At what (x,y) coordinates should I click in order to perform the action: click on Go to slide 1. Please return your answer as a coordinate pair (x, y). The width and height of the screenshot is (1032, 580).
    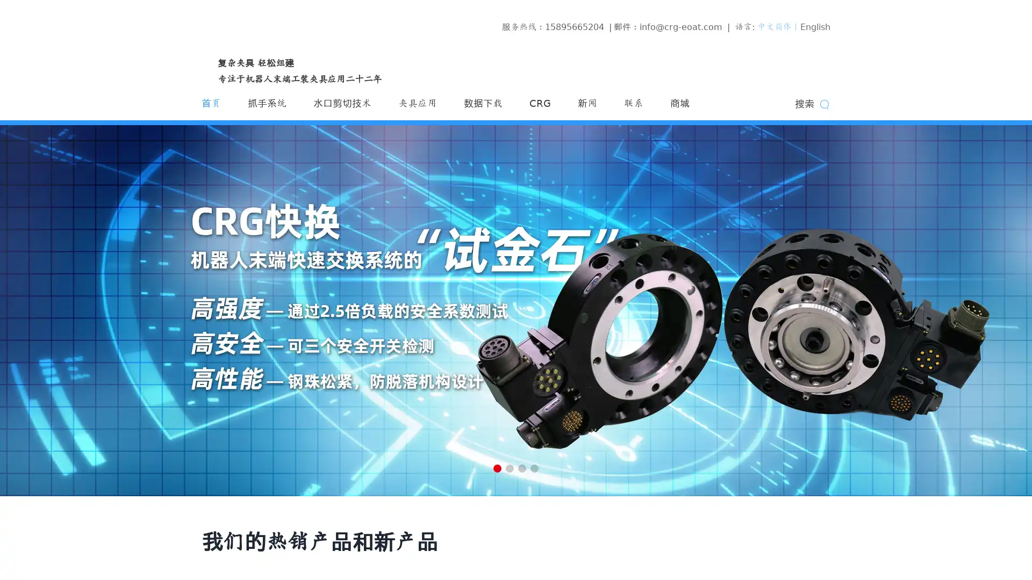
    Looking at the image, I should click on (497, 468).